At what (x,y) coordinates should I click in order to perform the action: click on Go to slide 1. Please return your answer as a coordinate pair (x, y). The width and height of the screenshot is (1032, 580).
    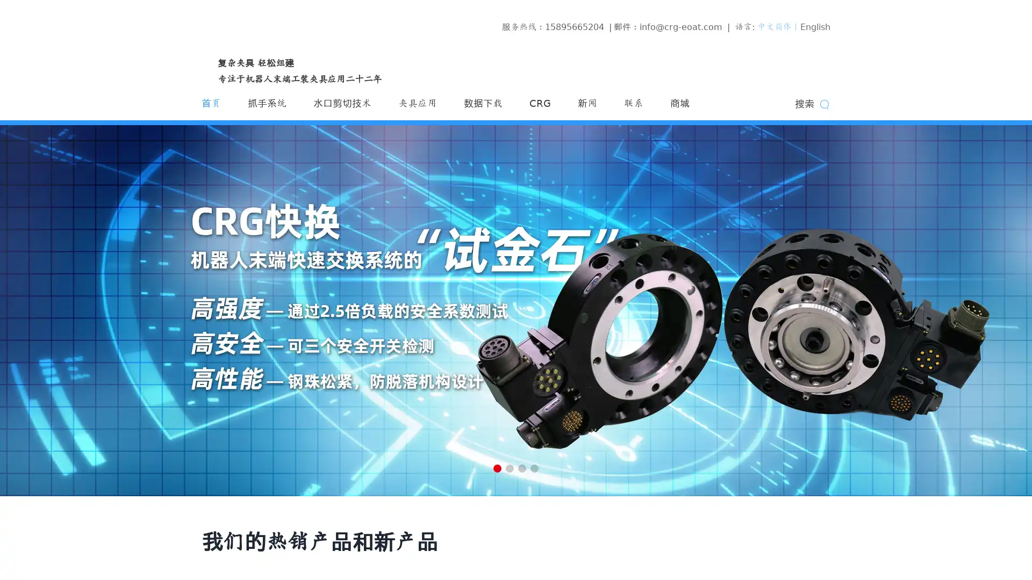
    Looking at the image, I should click on (497, 468).